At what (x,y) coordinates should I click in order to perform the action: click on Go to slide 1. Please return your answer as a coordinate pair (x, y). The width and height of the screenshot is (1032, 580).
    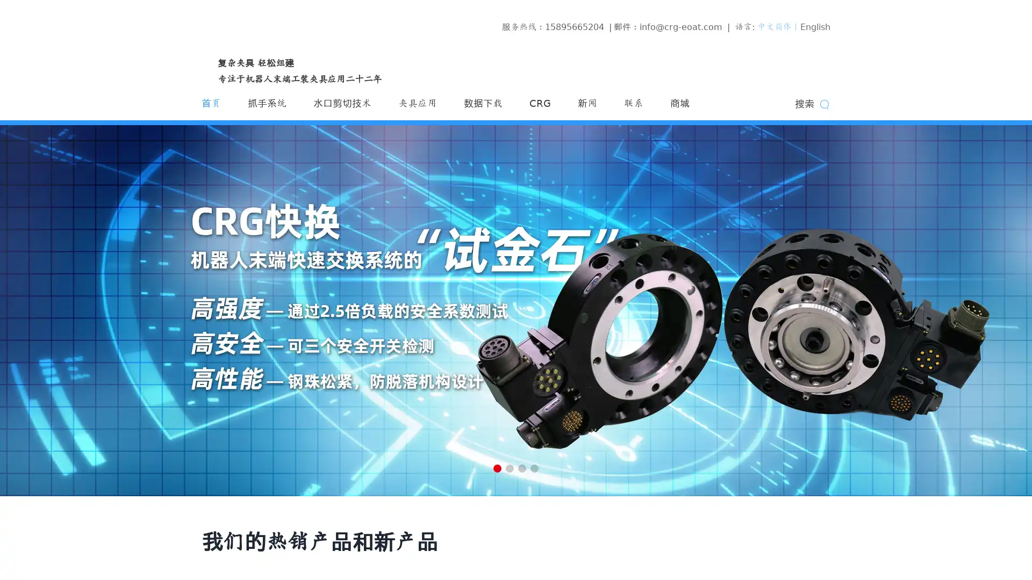
    Looking at the image, I should click on (497, 468).